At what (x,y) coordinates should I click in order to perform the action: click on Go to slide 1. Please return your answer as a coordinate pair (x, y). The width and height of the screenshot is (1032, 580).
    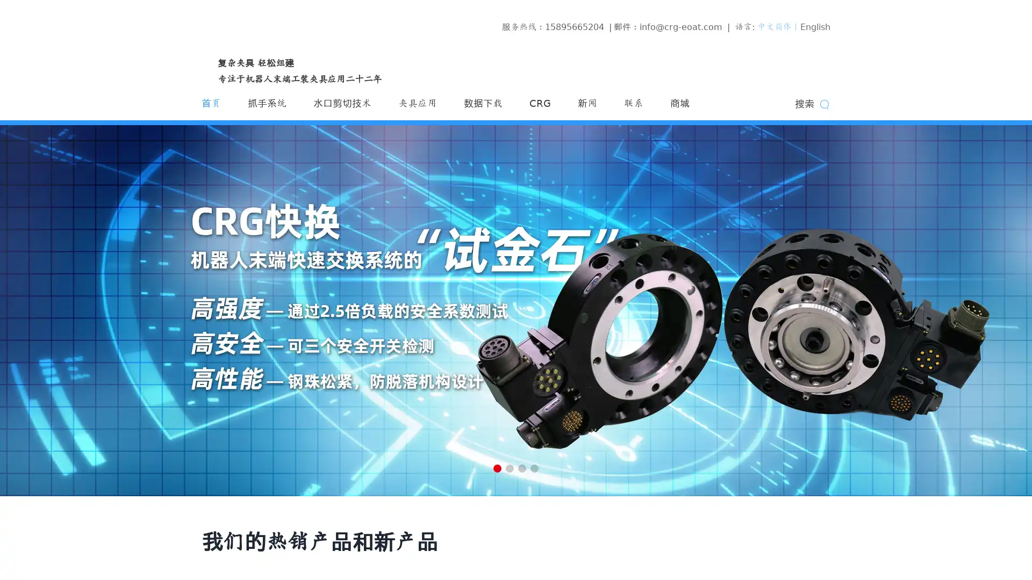
    Looking at the image, I should click on (497, 468).